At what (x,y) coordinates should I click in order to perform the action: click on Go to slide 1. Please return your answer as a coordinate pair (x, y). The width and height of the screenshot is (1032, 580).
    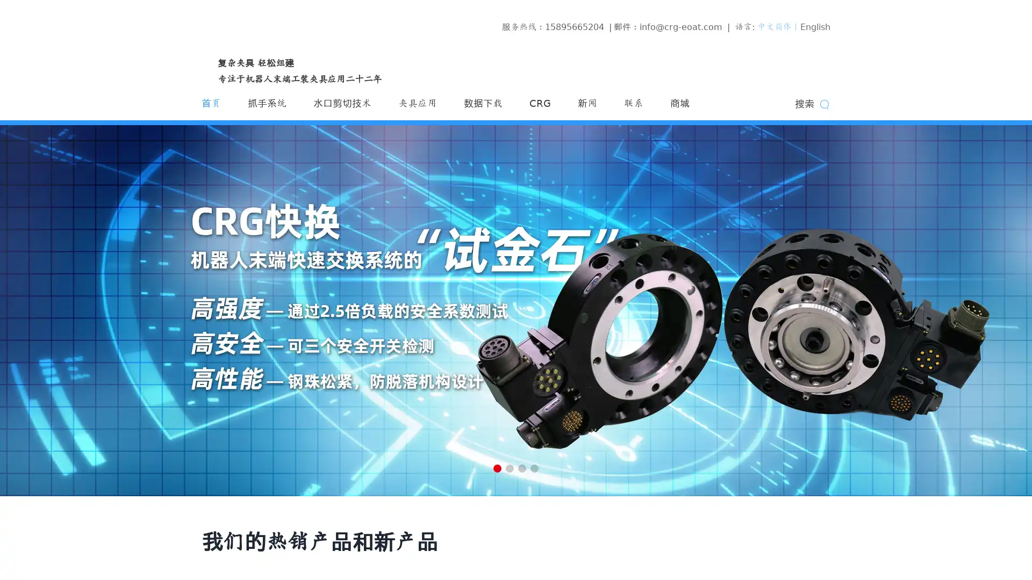
    Looking at the image, I should click on (497, 468).